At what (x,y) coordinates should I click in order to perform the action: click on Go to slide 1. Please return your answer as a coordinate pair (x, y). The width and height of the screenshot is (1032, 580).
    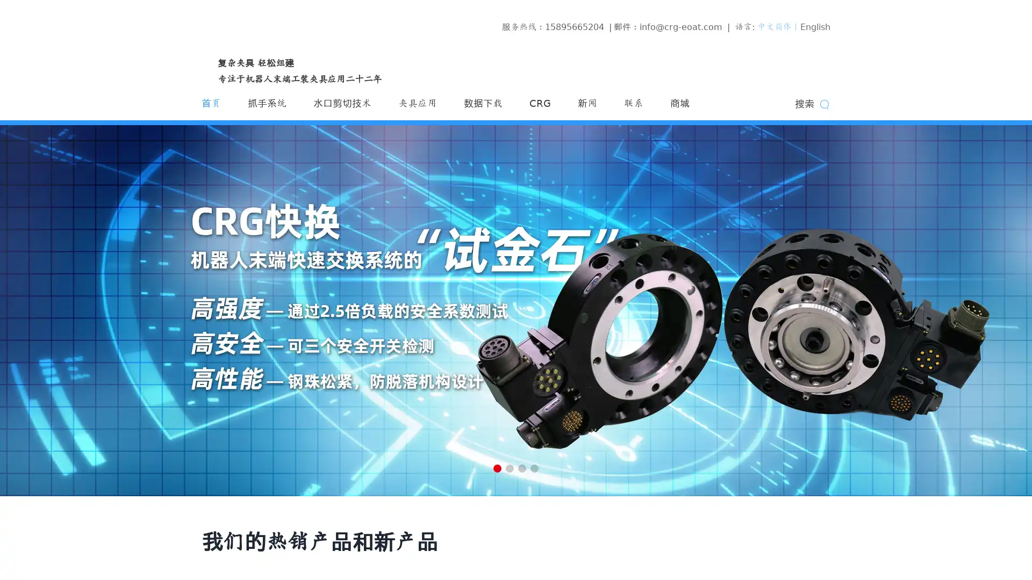
    Looking at the image, I should click on (497, 468).